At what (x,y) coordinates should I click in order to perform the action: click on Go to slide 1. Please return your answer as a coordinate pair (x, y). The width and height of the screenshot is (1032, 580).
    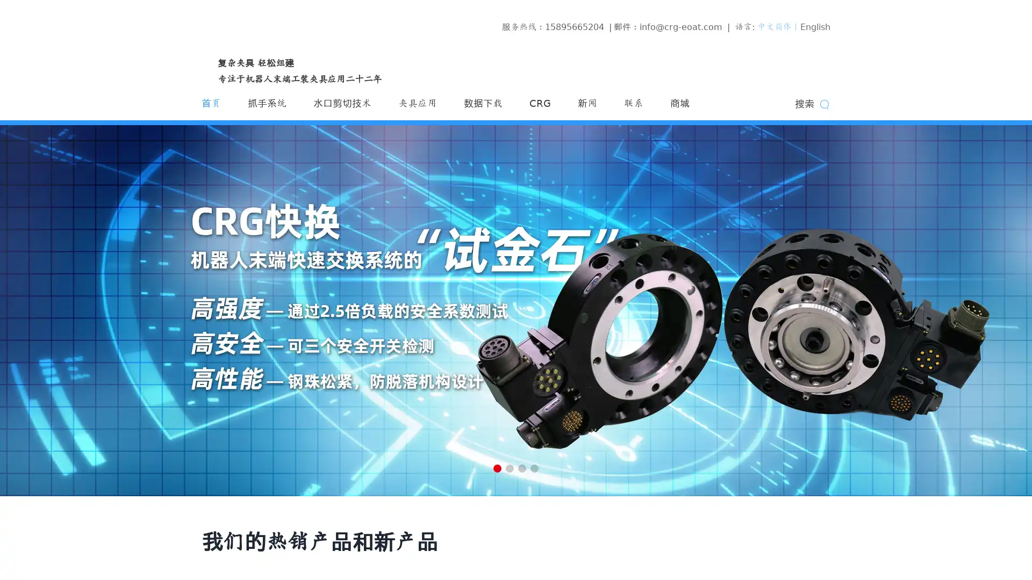
    Looking at the image, I should click on (497, 468).